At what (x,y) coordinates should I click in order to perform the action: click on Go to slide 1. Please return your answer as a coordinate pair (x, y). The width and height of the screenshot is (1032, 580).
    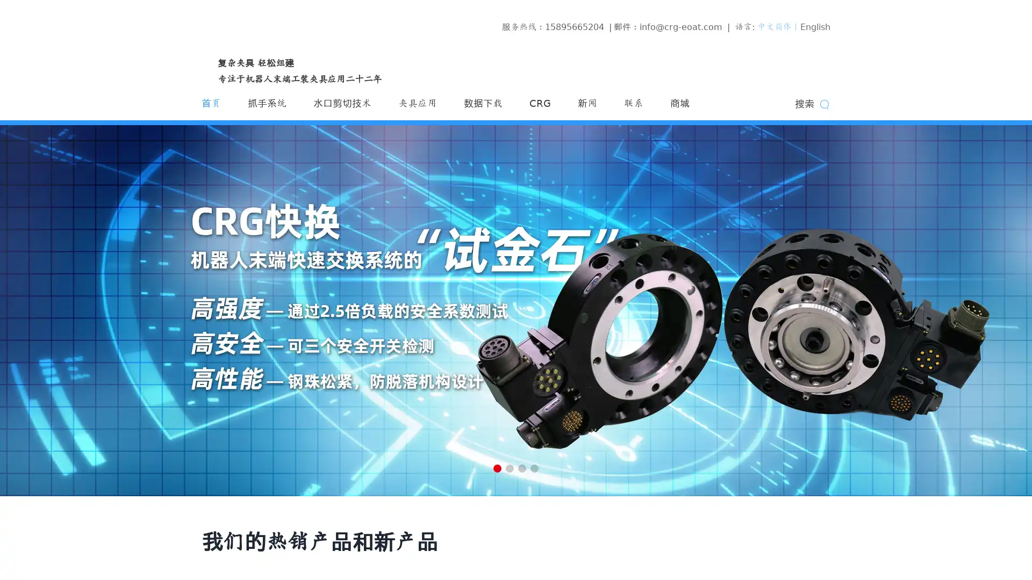
    Looking at the image, I should click on (497, 468).